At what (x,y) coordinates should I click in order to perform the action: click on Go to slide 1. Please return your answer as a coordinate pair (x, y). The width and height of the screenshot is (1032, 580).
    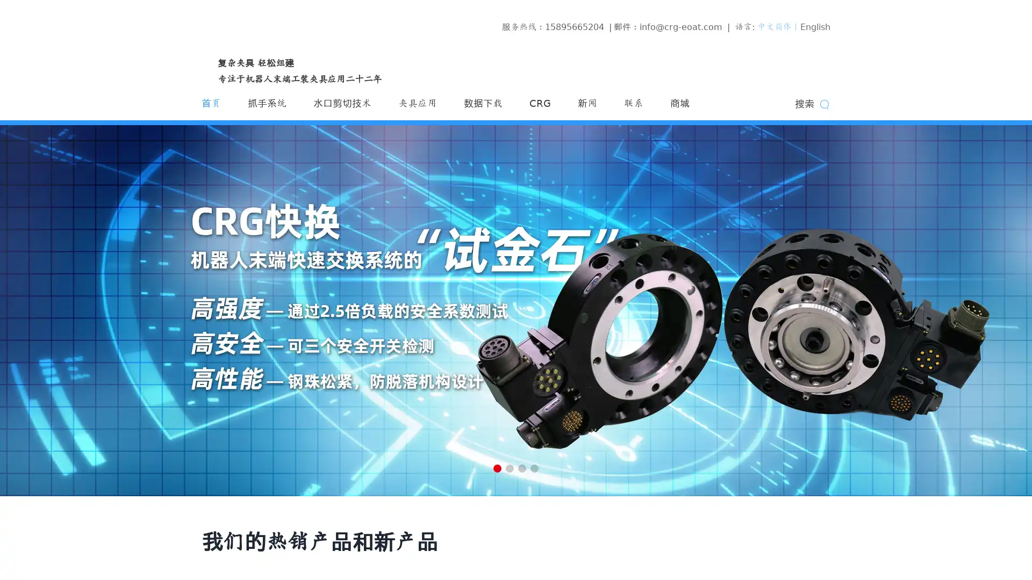
    Looking at the image, I should click on (497, 468).